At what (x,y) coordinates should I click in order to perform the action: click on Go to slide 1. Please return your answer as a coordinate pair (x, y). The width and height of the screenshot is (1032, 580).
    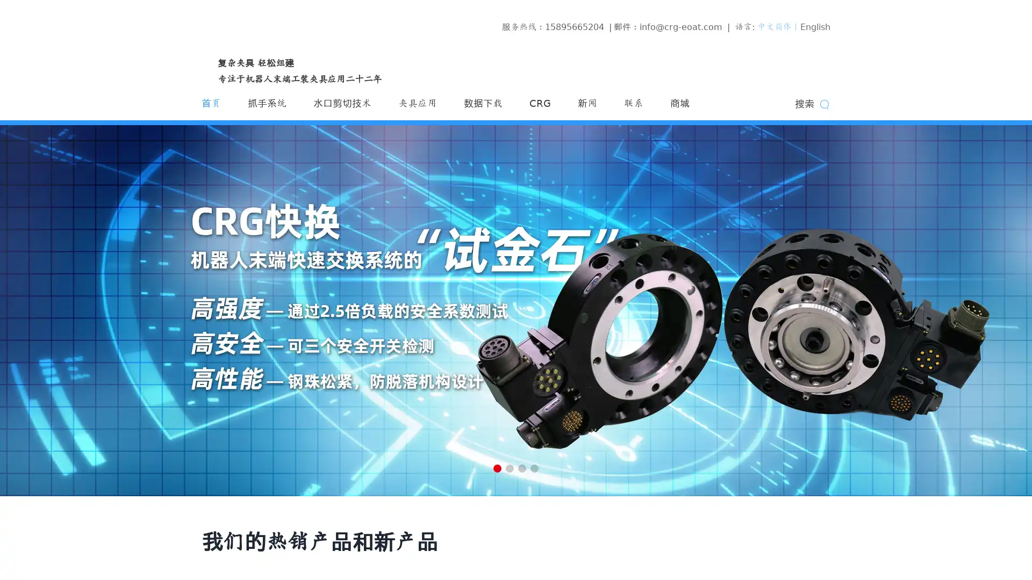
    Looking at the image, I should click on (497, 468).